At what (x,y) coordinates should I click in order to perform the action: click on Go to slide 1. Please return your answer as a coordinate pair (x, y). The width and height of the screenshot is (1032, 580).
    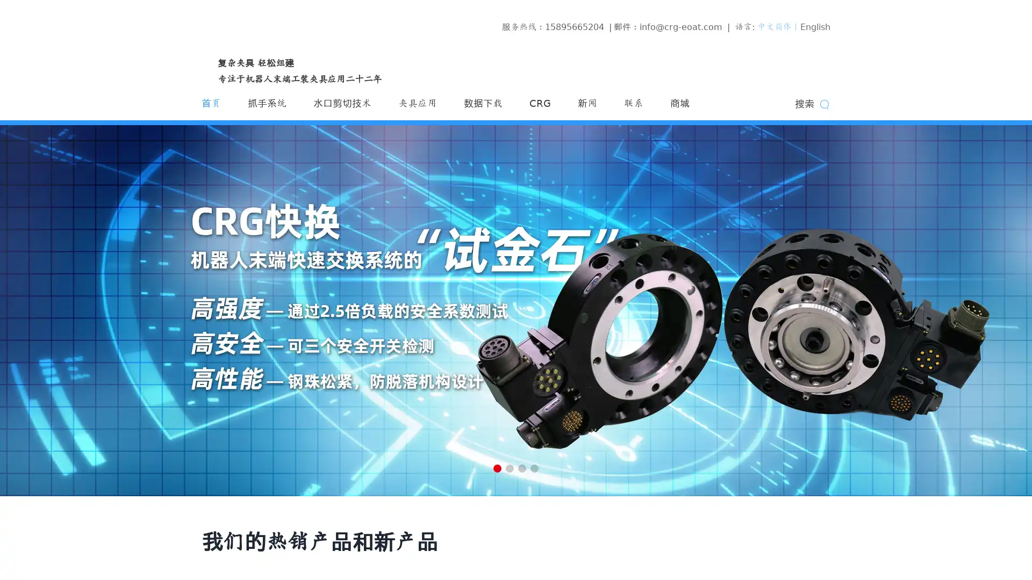
    Looking at the image, I should click on (497, 468).